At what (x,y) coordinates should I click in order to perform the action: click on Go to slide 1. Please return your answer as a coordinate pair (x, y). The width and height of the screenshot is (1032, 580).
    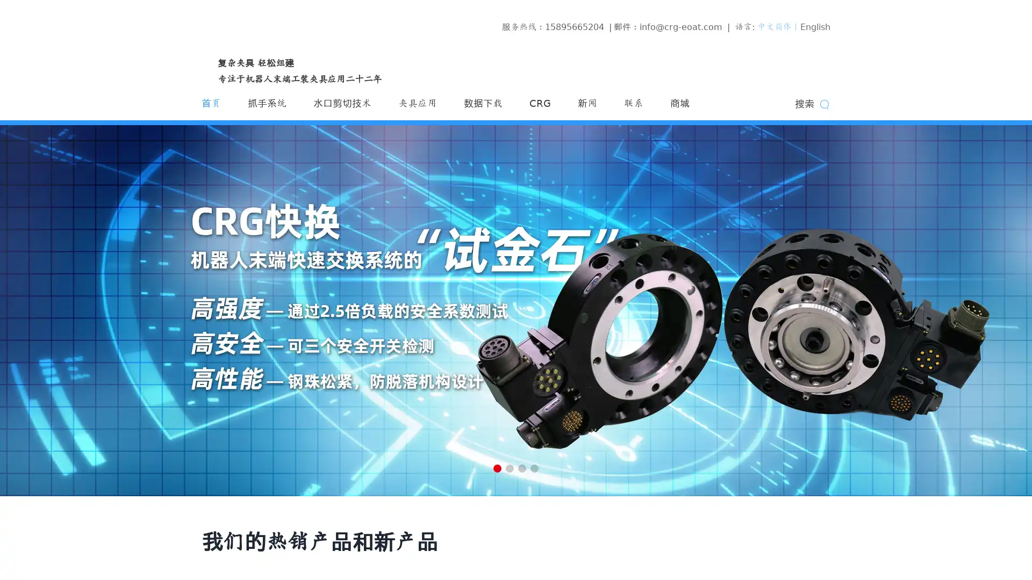
    Looking at the image, I should click on (497, 468).